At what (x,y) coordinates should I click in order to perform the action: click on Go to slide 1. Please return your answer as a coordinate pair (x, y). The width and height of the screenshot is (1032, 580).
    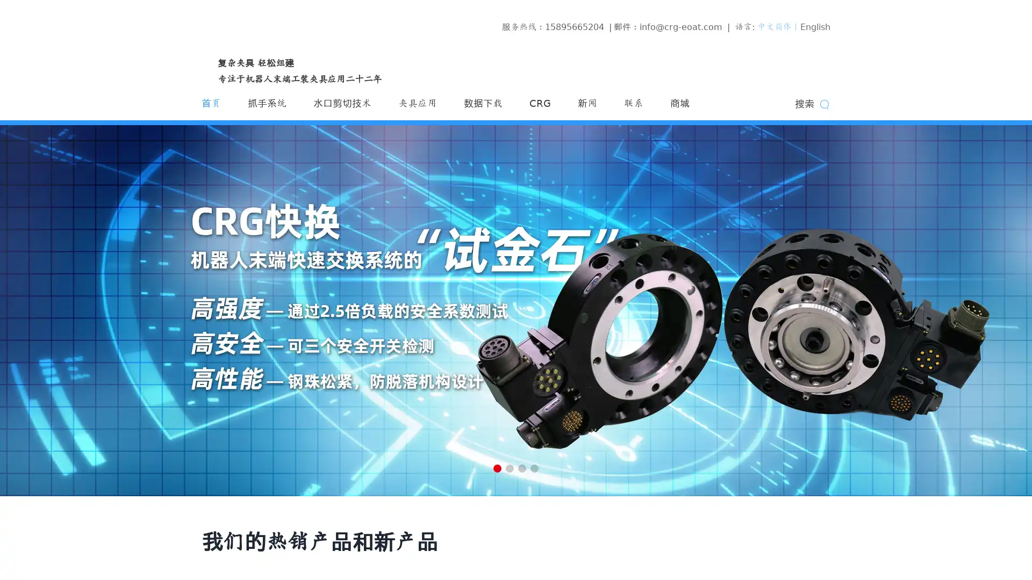
    Looking at the image, I should click on (497, 468).